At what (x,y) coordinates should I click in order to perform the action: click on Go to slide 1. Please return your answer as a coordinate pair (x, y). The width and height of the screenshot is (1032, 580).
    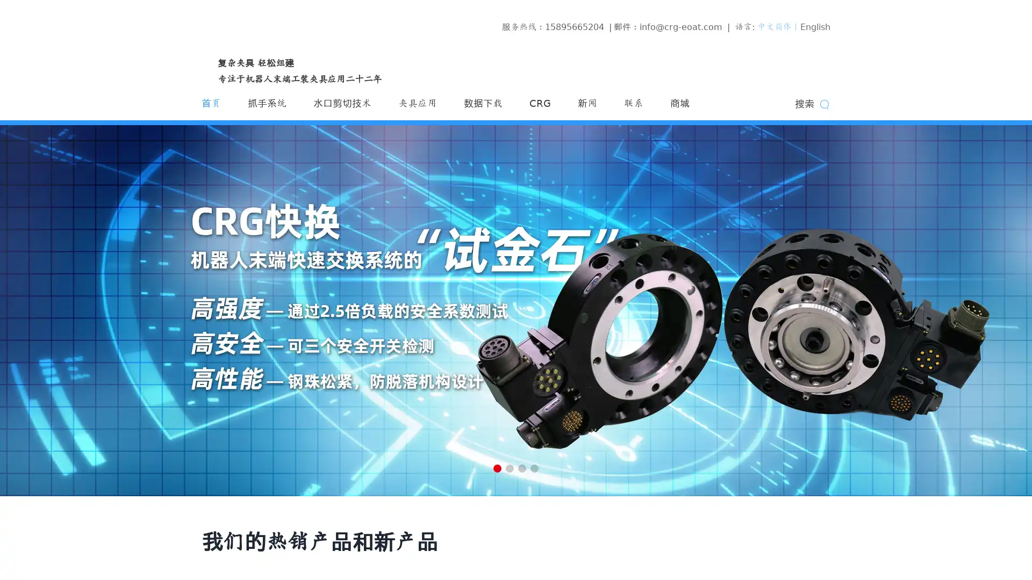
    Looking at the image, I should click on (497, 468).